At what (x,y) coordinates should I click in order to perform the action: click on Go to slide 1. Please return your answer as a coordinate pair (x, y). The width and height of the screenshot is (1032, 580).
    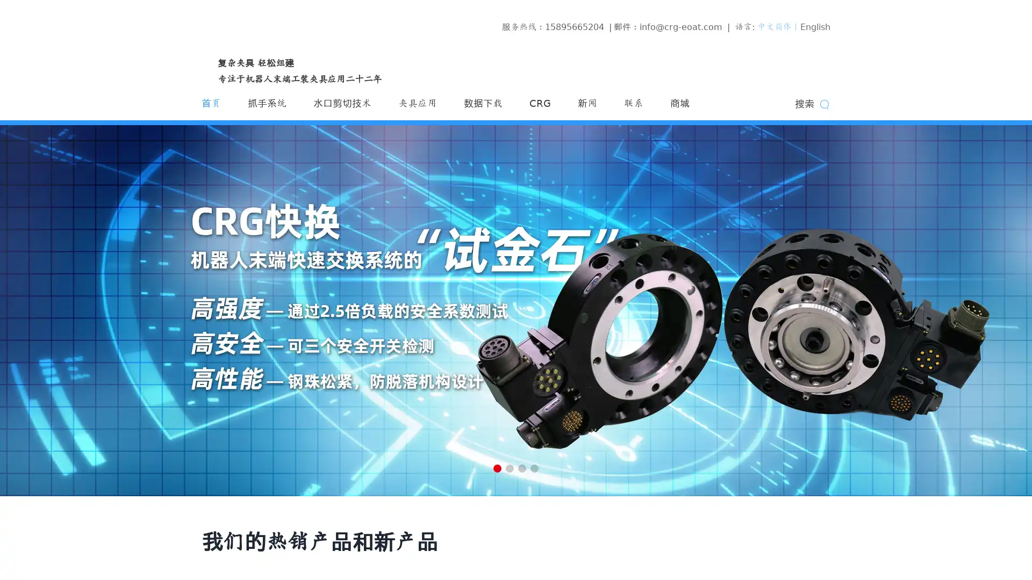
    Looking at the image, I should click on (497, 468).